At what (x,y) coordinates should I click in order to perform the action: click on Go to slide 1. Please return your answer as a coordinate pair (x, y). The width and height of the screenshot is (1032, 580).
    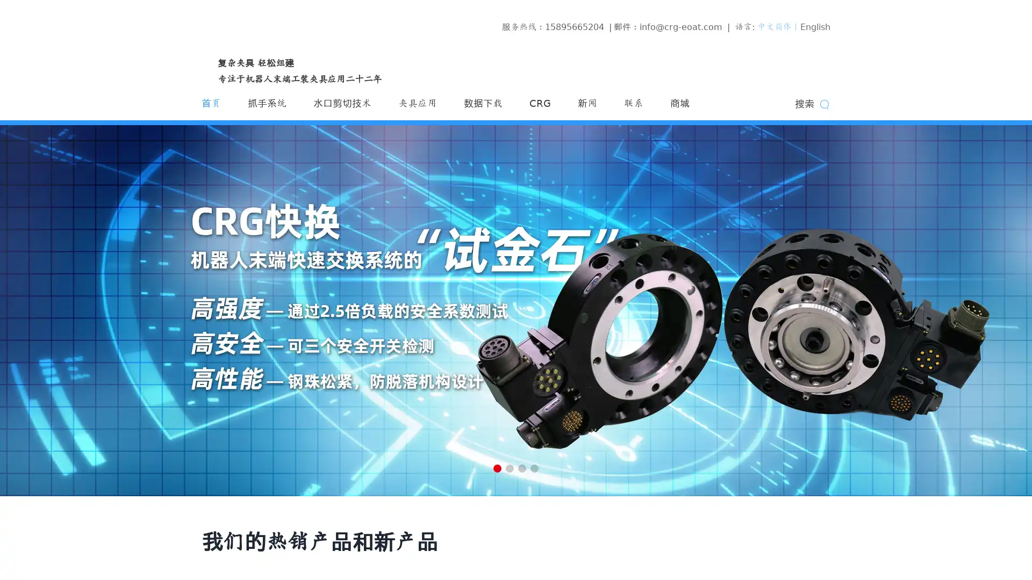
    Looking at the image, I should click on (497, 468).